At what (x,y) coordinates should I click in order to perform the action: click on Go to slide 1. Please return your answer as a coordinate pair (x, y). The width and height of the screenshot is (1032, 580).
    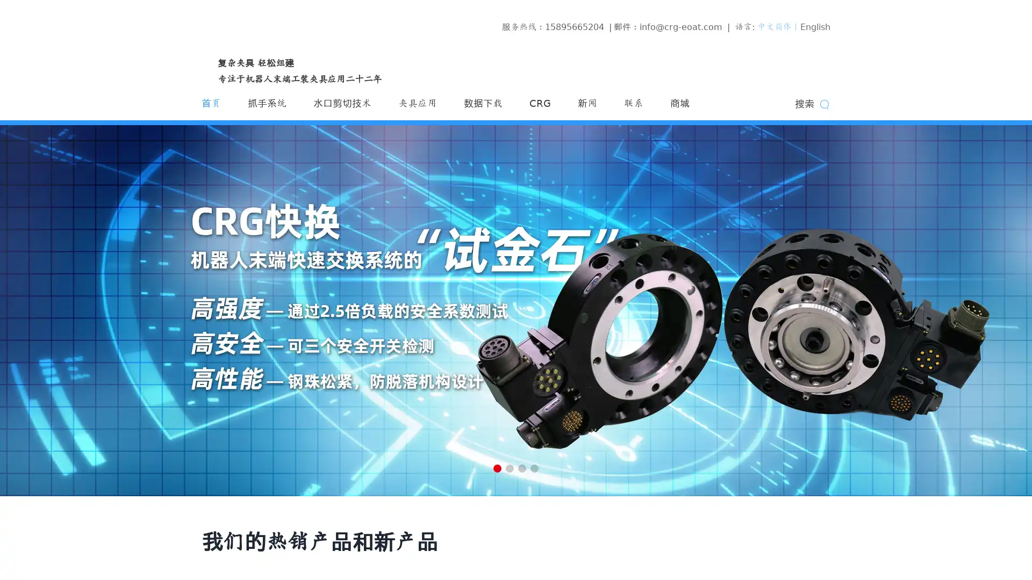
    Looking at the image, I should click on (497, 468).